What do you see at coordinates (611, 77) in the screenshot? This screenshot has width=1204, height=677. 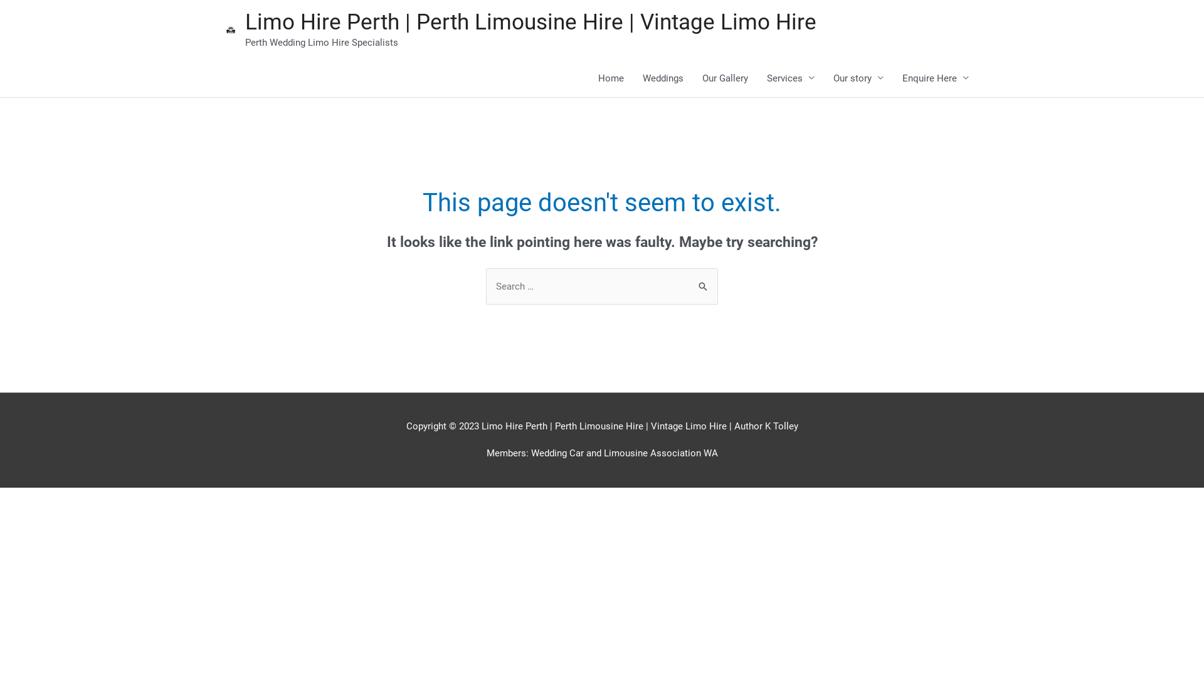 I see `'Home'` at bounding box center [611, 77].